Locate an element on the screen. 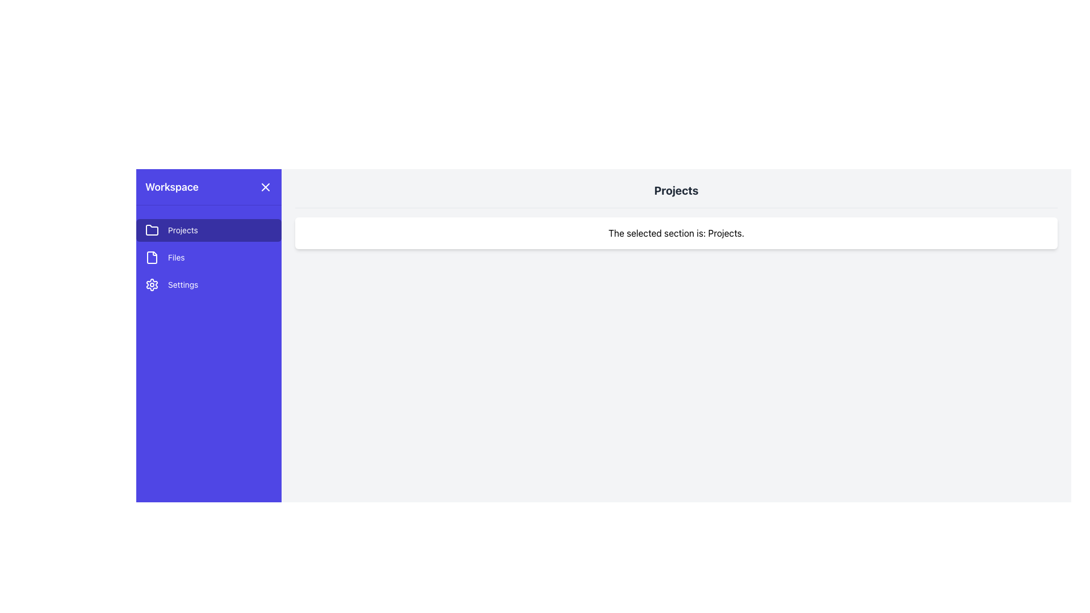  the file icon located under the 'Files' menu item in the vertical navigation bar is located at coordinates (152, 258).